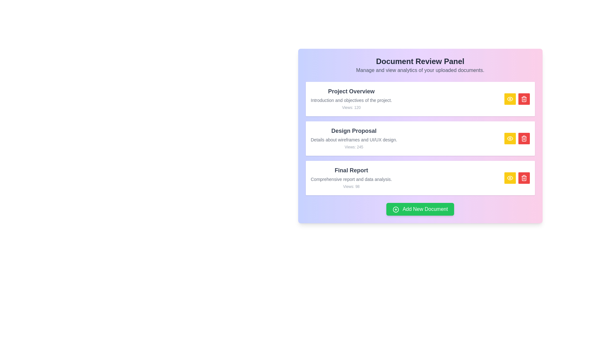 This screenshot has width=611, height=344. I want to click on the delete button for the document titled Design Proposal, so click(524, 138).